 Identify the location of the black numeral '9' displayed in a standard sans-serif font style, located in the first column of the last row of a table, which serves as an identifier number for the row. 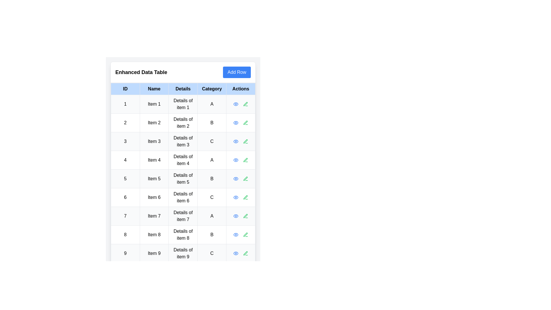
(125, 253).